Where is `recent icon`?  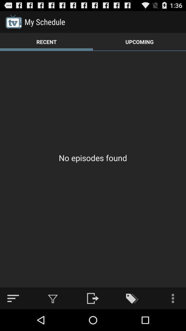
recent icon is located at coordinates (46, 41).